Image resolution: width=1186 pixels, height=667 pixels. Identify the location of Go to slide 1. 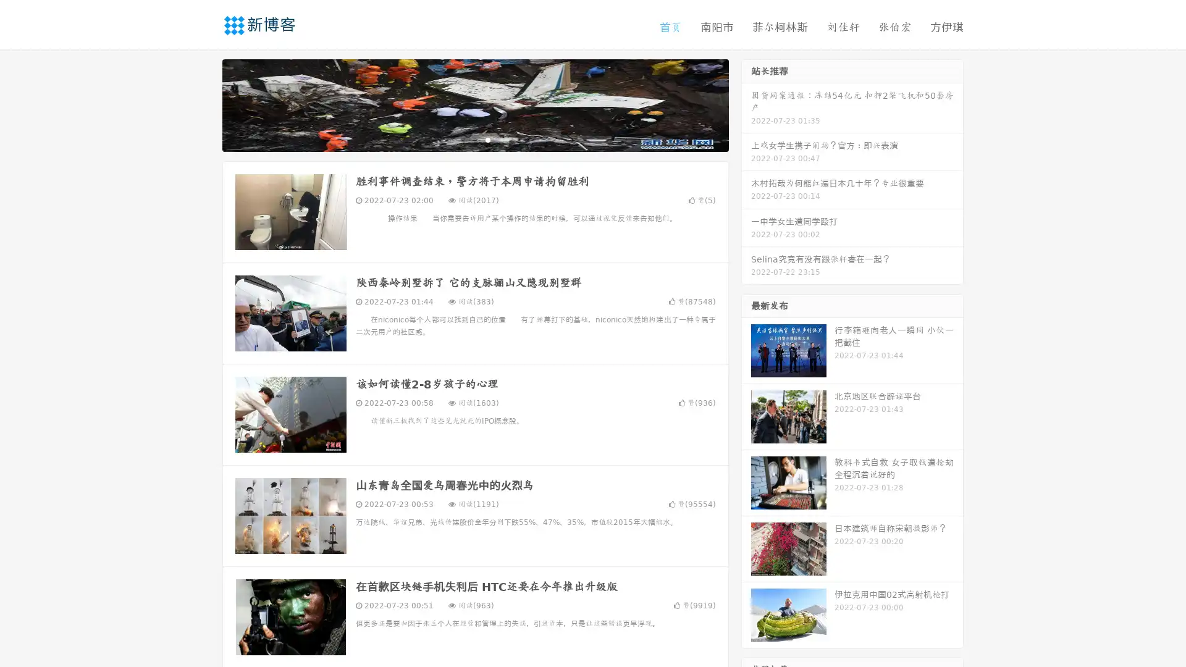
(462, 139).